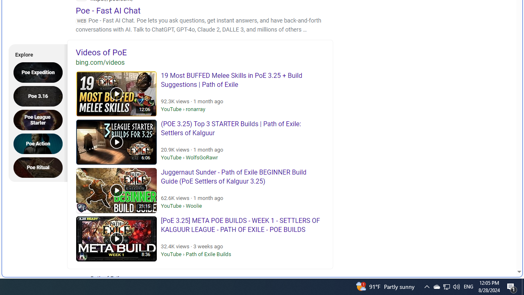  What do you see at coordinates (40, 143) in the screenshot?
I see `'Poe Action'` at bounding box center [40, 143].